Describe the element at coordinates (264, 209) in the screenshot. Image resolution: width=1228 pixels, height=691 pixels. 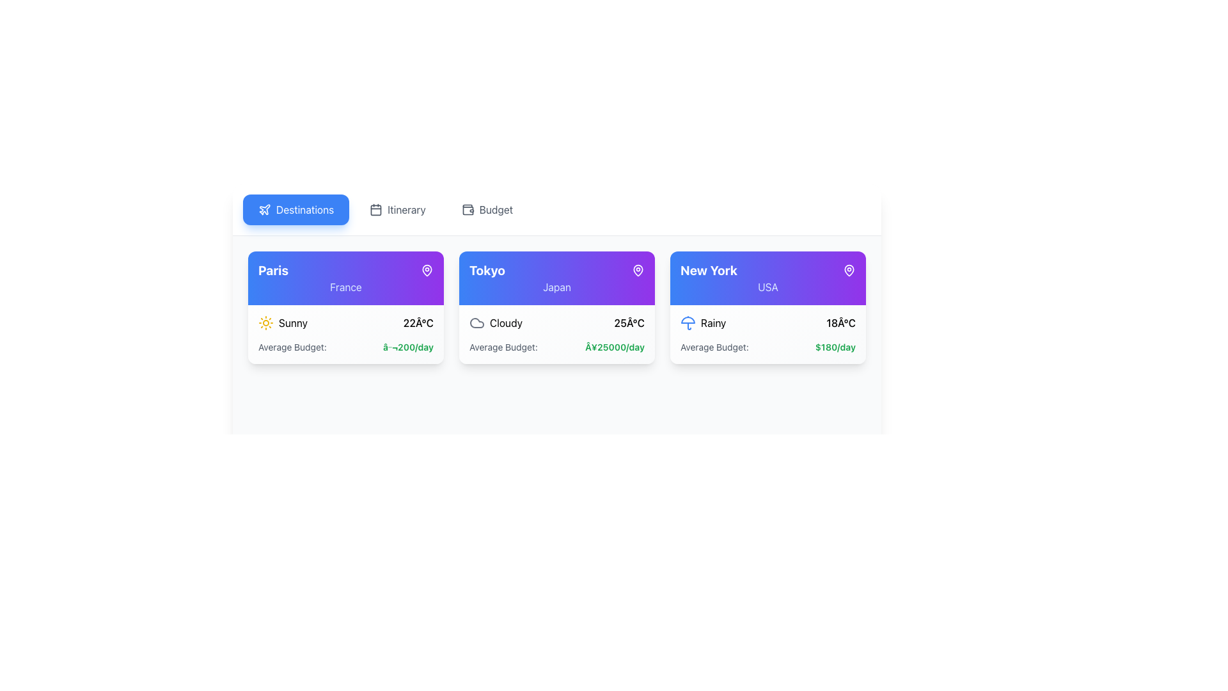
I see `the airplane icon located inside the blue 'Destinations' button, which is positioned to the left of the text 'Destinations'` at that location.